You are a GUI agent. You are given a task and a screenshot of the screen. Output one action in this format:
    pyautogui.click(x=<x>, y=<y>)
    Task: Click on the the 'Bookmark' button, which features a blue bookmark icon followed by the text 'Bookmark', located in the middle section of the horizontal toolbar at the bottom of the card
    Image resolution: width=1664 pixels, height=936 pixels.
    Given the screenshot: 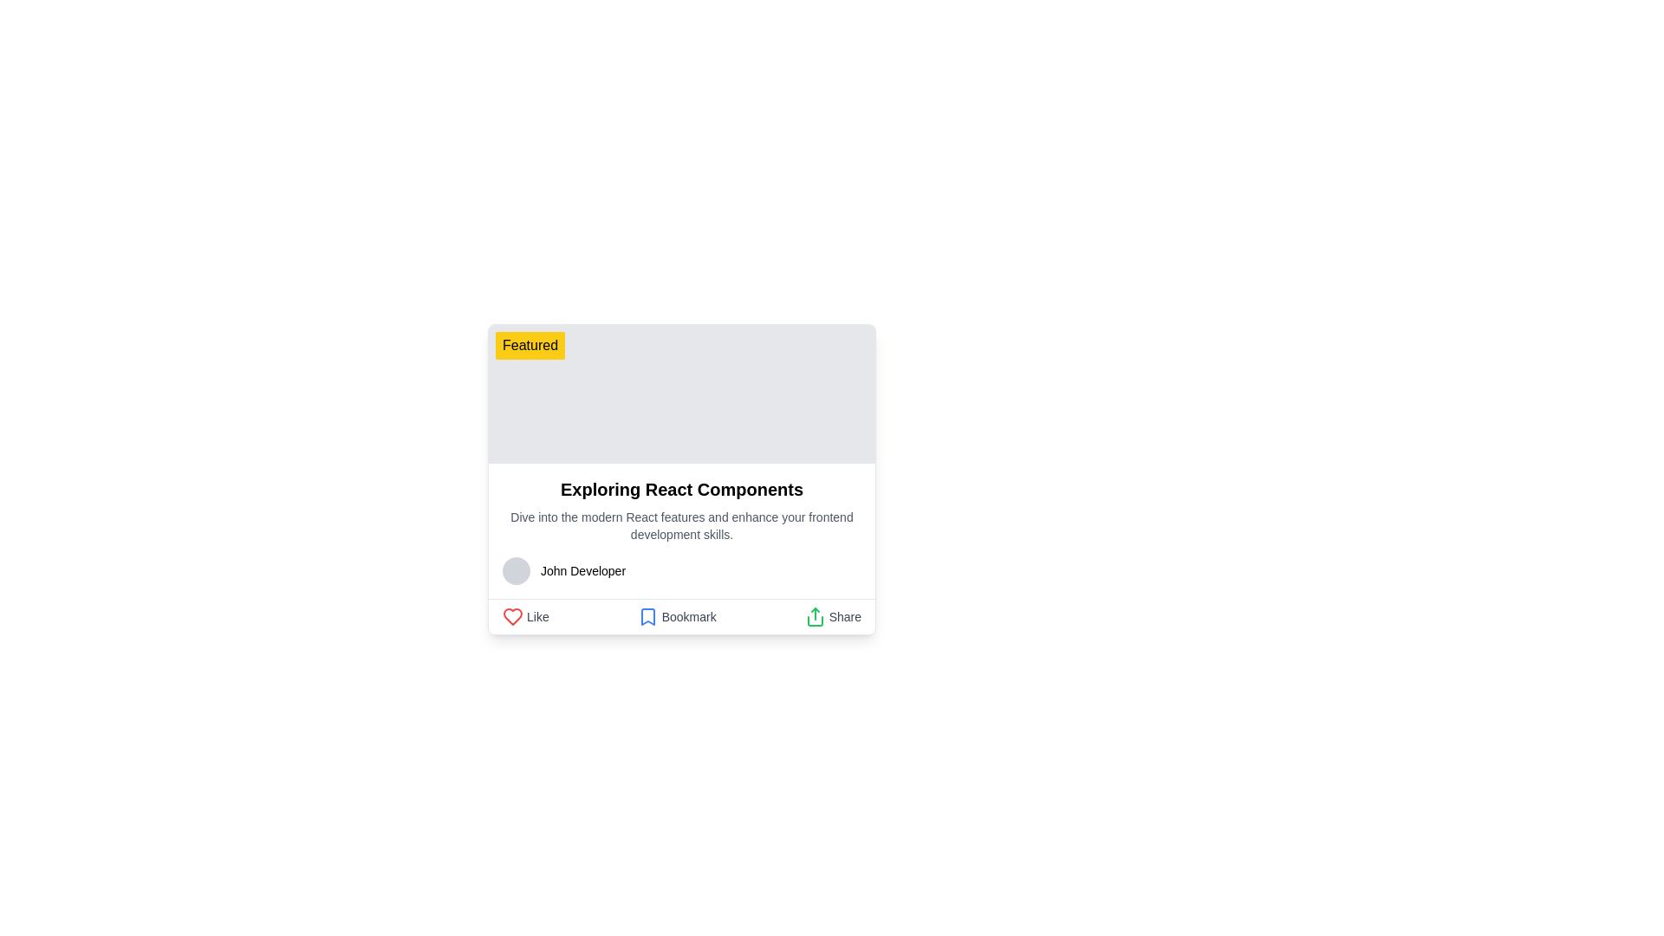 What is the action you would take?
    pyautogui.click(x=676, y=616)
    